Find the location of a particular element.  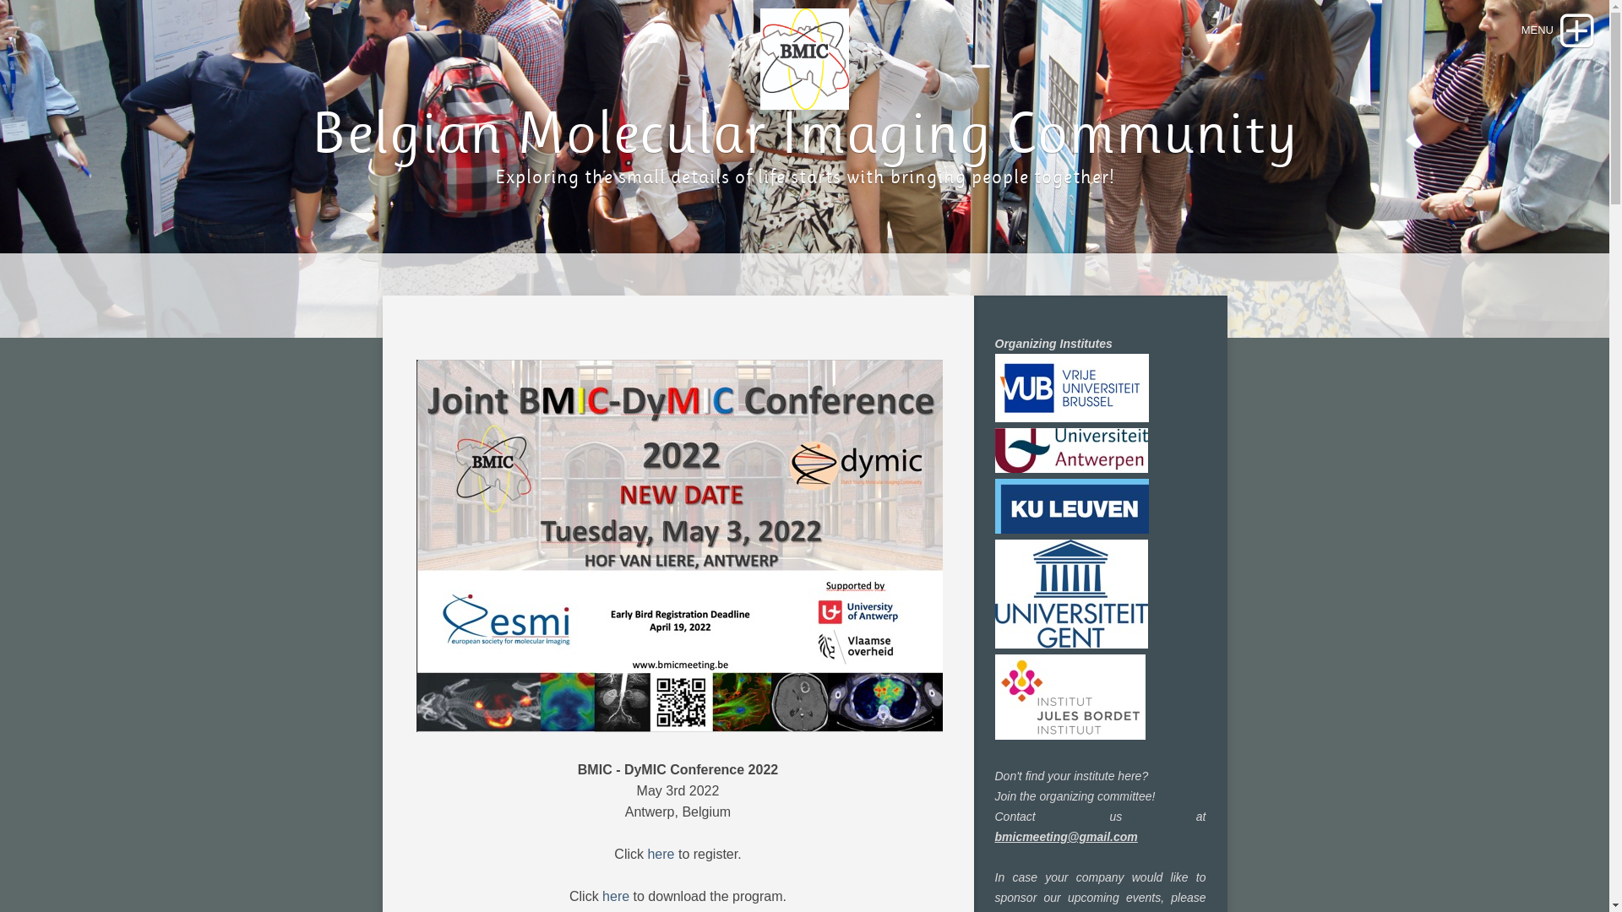

'here' is located at coordinates (660, 854).